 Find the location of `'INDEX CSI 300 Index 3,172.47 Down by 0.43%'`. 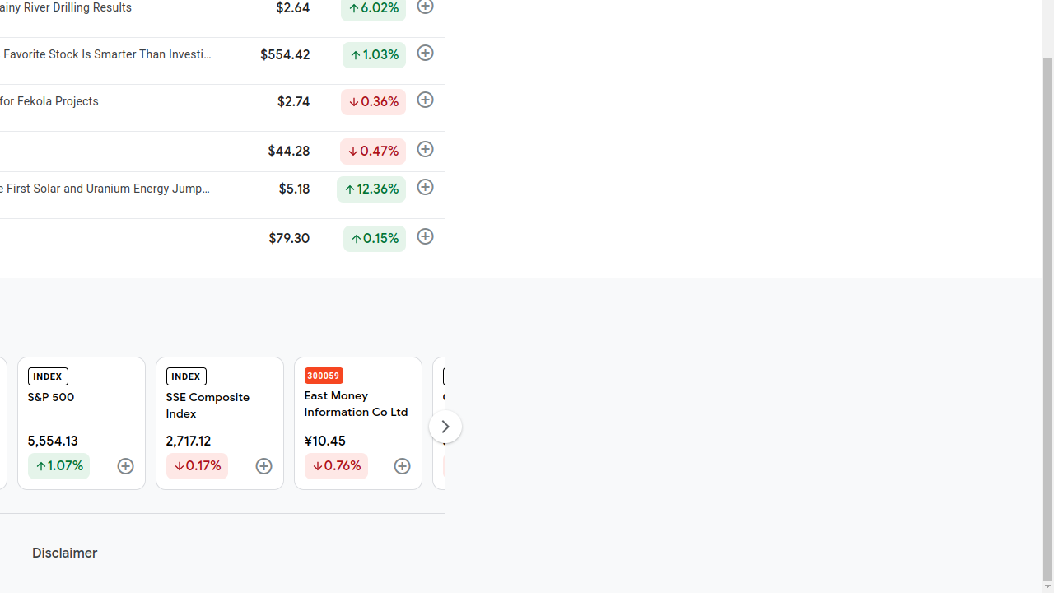

'INDEX CSI 300 Index 3,172.47 Down by 0.43%' is located at coordinates (495, 423).